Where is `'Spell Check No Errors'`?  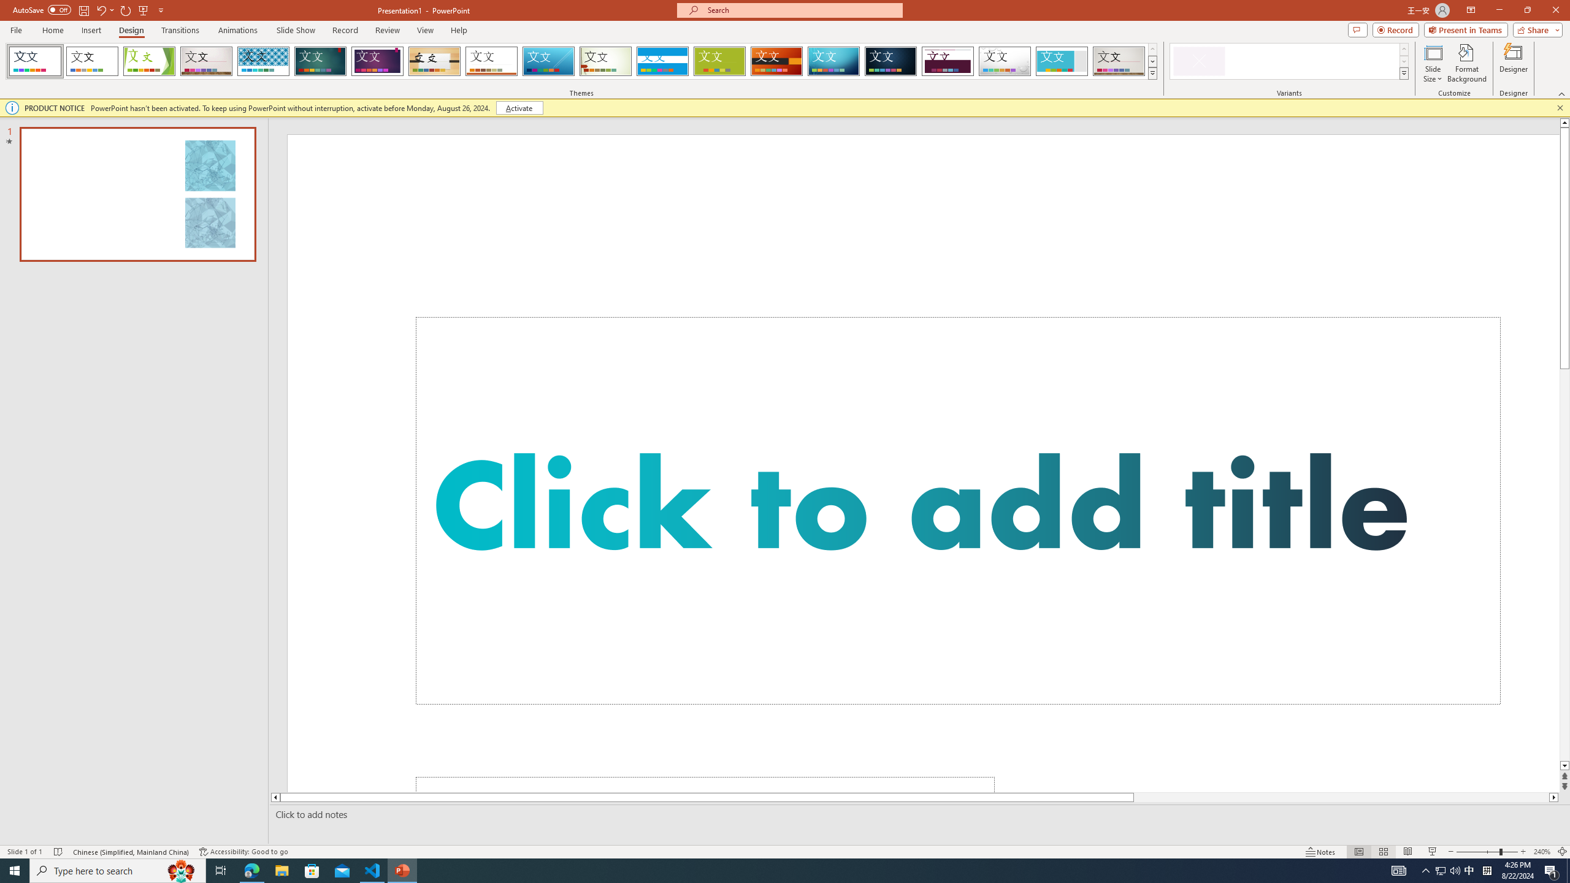 'Spell Check No Errors' is located at coordinates (58, 852).